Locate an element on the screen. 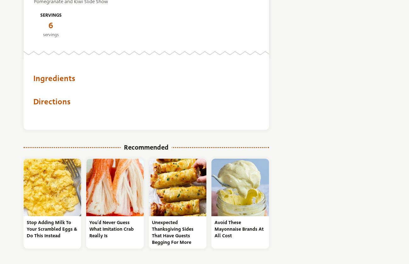  'Avoid These Mayonnaise Brands At All Cost' is located at coordinates (238, 229).